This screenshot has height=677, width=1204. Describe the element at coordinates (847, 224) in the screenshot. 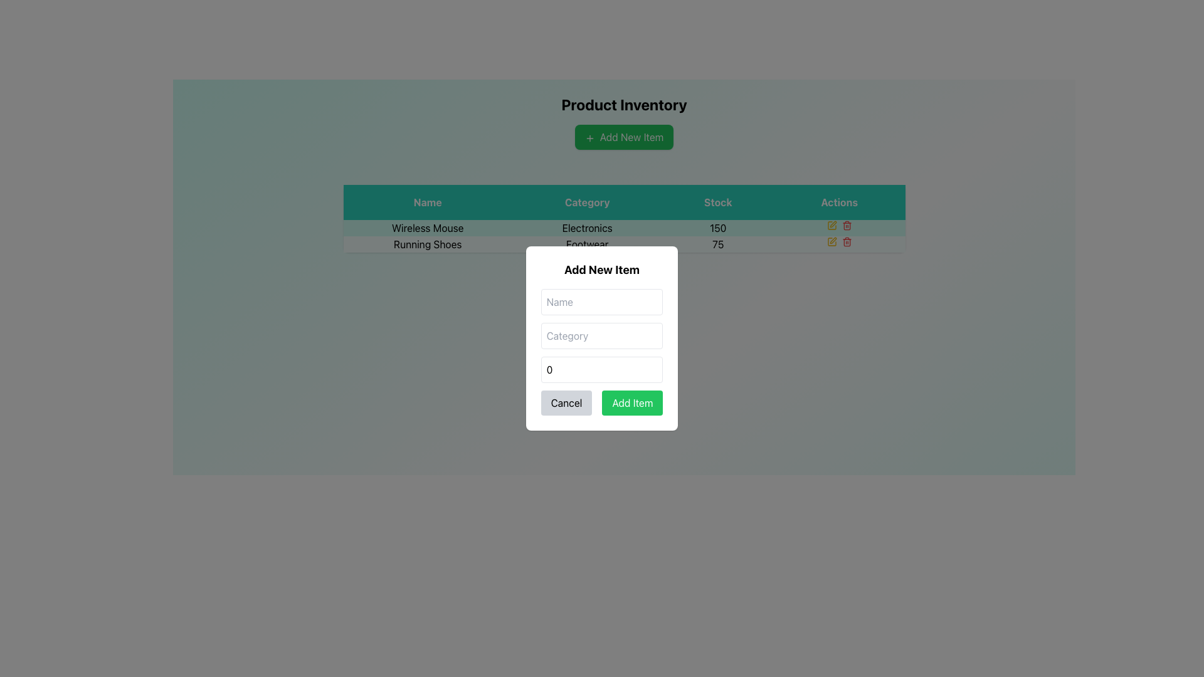

I see `the trash can icon in the Actions column of the second row of the table` at that location.